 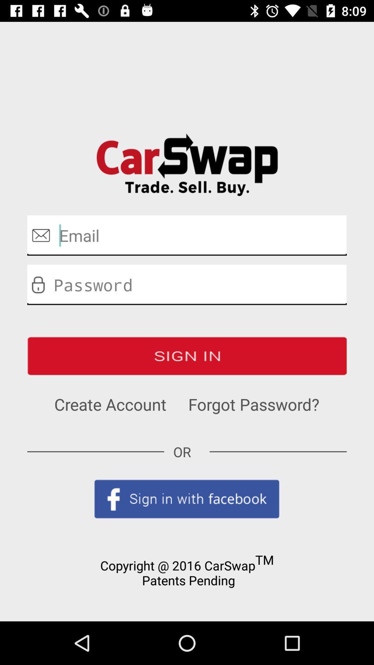 What do you see at coordinates (187, 235) in the screenshot?
I see `email` at bounding box center [187, 235].